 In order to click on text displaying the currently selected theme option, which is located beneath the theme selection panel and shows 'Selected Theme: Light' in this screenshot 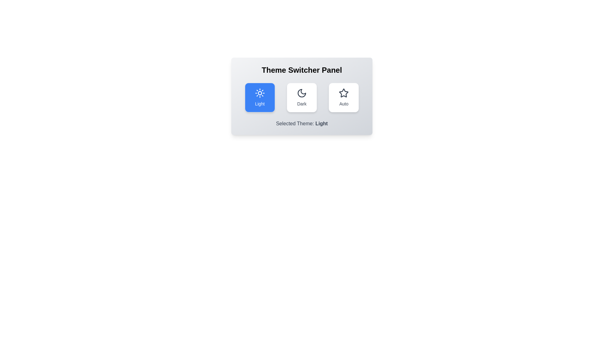, I will do `click(321, 123)`.